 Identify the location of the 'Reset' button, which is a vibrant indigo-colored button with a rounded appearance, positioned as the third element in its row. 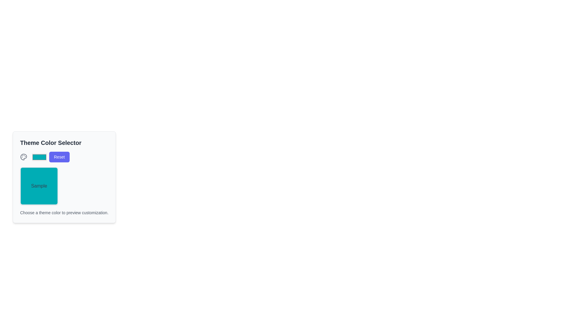
(64, 156).